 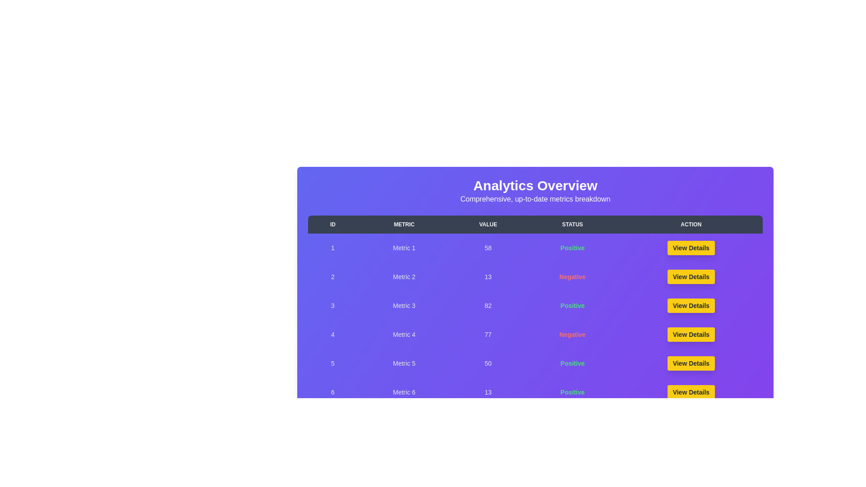 I want to click on the row corresponding to 4, so click(x=535, y=334).